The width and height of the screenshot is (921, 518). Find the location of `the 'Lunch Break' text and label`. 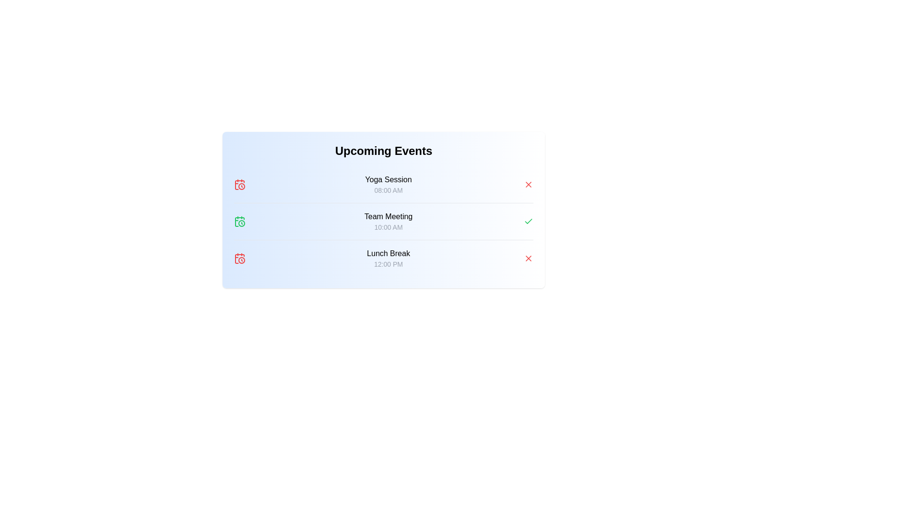

the 'Lunch Break' text and label is located at coordinates (389, 258).